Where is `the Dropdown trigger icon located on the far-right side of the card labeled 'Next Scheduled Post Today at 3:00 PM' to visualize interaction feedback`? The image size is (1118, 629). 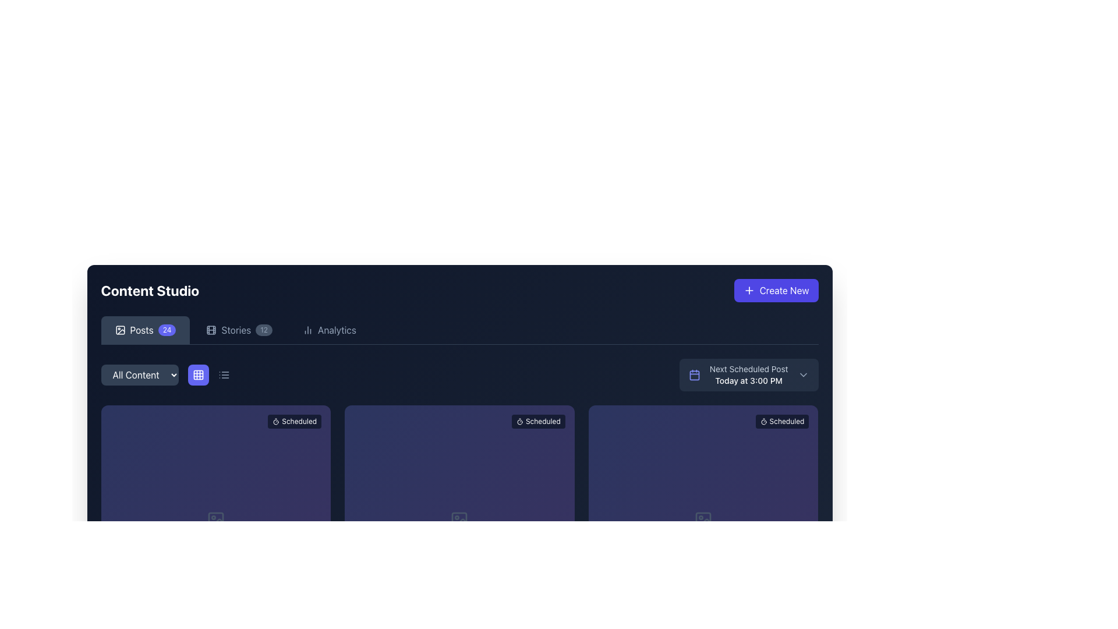 the Dropdown trigger icon located on the far-right side of the card labeled 'Next Scheduled Post Today at 3:00 PM' to visualize interaction feedback is located at coordinates (802, 375).